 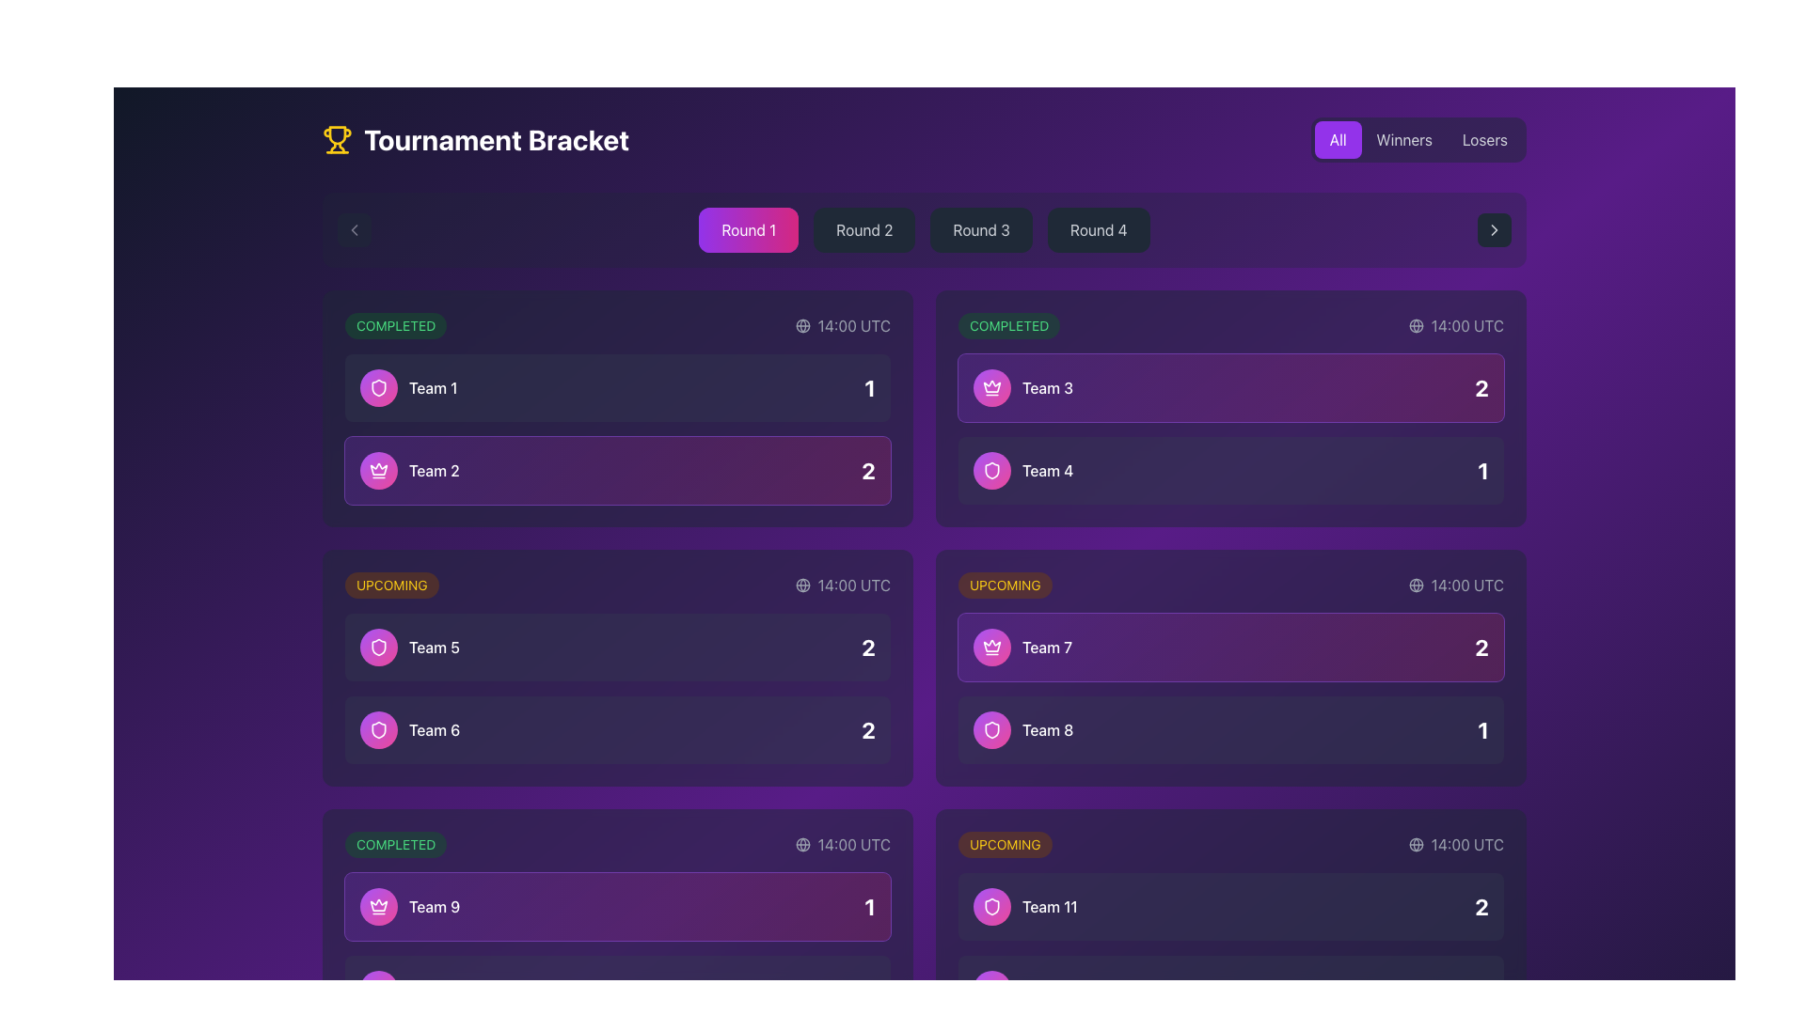 What do you see at coordinates (1049, 905) in the screenshot?
I see `the text label displaying 'Team 11' located in the 'Upcoming' section, which is positioned to the right of a circular icon with a shield symbol` at bounding box center [1049, 905].